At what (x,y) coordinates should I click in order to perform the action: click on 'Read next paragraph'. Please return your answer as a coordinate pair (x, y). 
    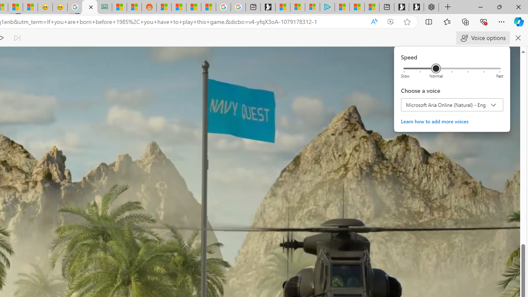
    Looking at the image, I should click on (16, 38).